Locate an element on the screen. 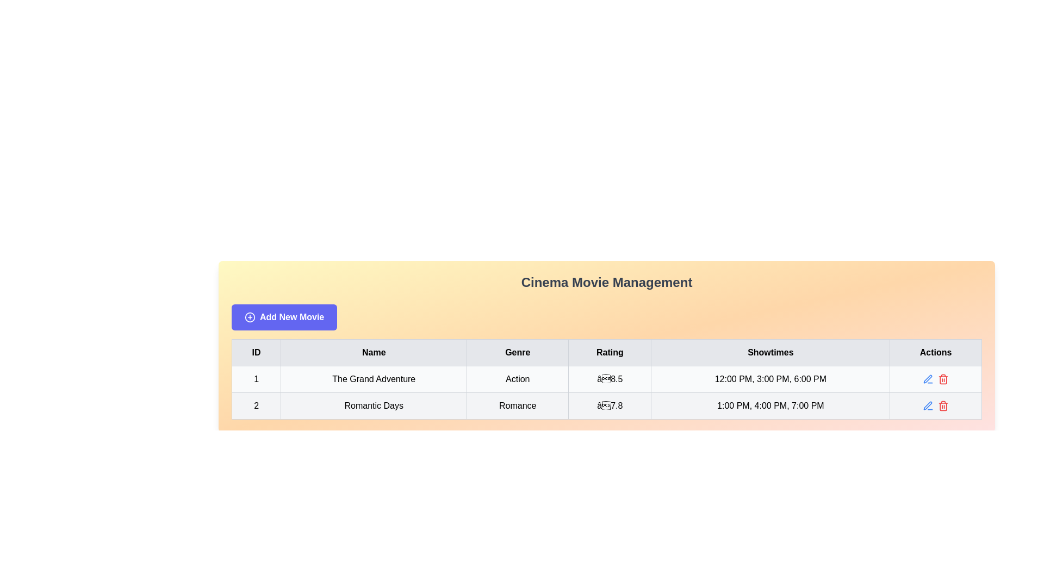 The width and height of the screenshot is (1044, 587). the pencil icon in the Action cell of the first row in the table to initiate editing of the associated movie details is located at coordinates (935, 379).